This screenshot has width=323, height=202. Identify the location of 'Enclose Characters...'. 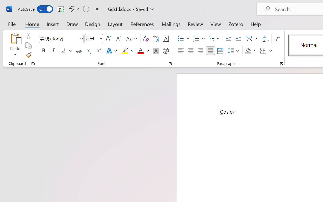
(166, 51).